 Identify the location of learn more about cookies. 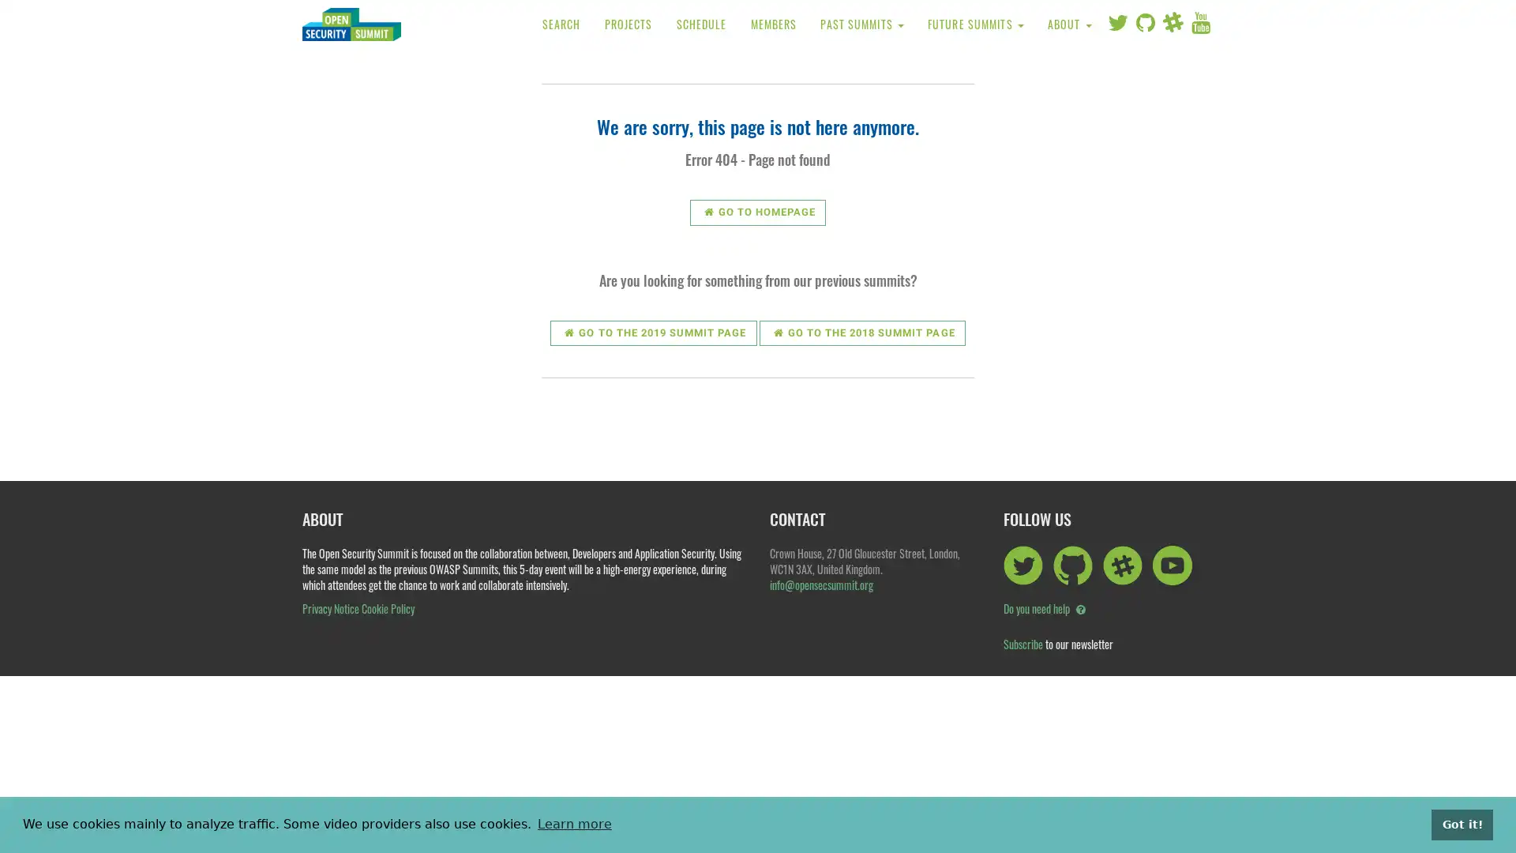
(573, 824).